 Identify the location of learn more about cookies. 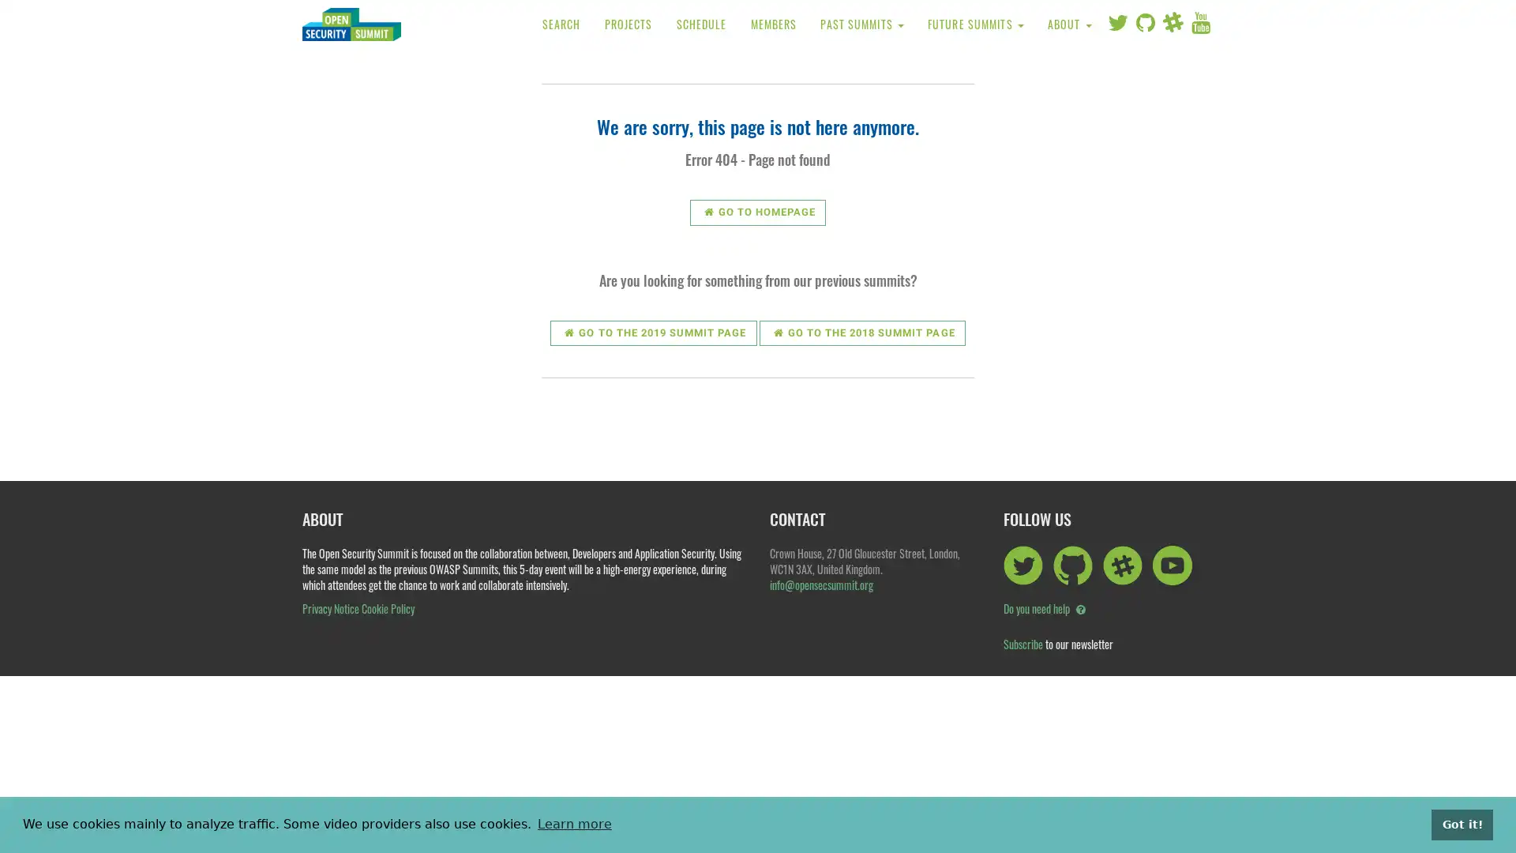
(573, 824).